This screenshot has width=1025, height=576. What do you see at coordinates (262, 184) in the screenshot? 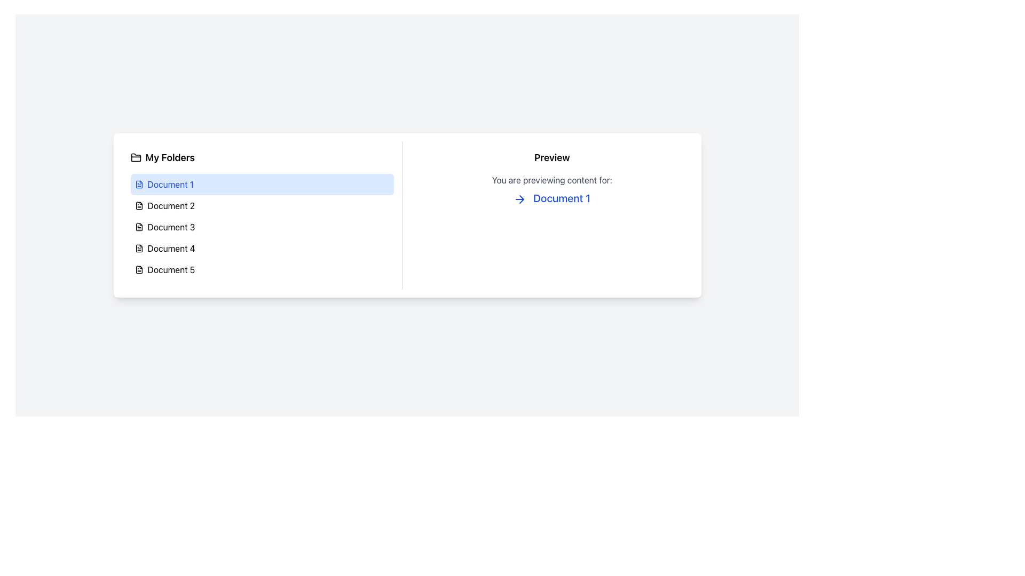
I see `the first list item representing a document in the vertical list` at bounding box center [262, 184].